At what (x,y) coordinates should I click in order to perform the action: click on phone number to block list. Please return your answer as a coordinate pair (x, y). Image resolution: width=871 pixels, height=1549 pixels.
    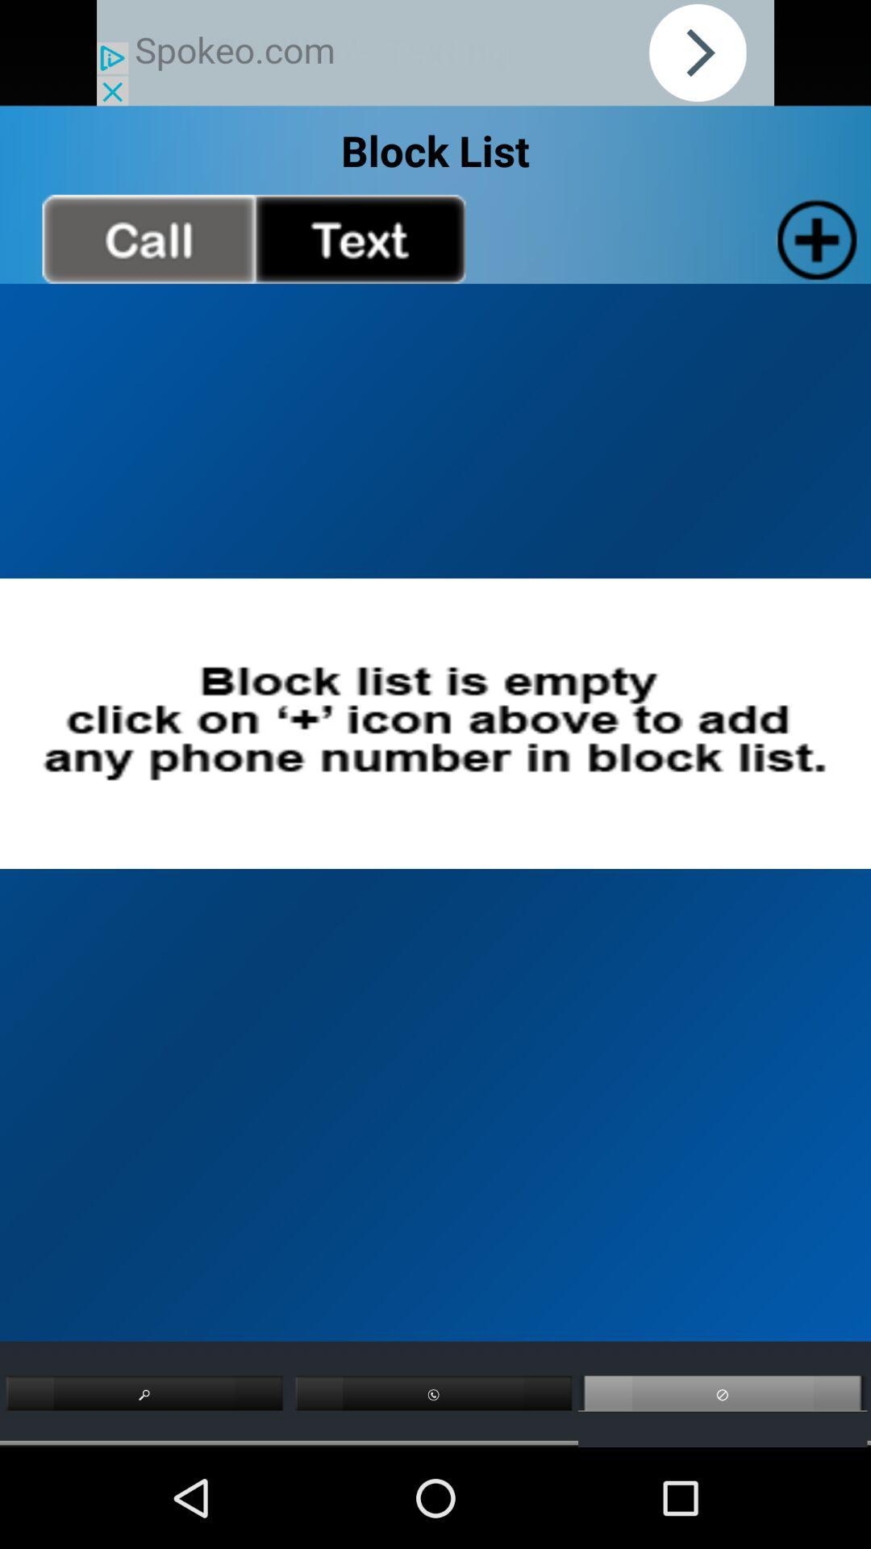
    Looking at the image, I should click on (814, 238).